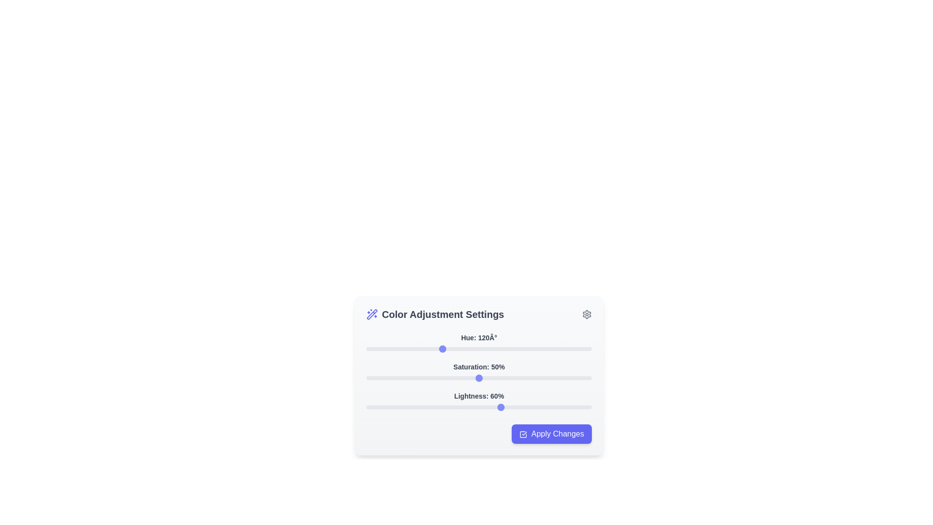 The width and height of the screenshot is (933, 525). What do you see at coordinates (429, 407) in the screenshot?
I see `the lightness` at bounding box center [429, 407].